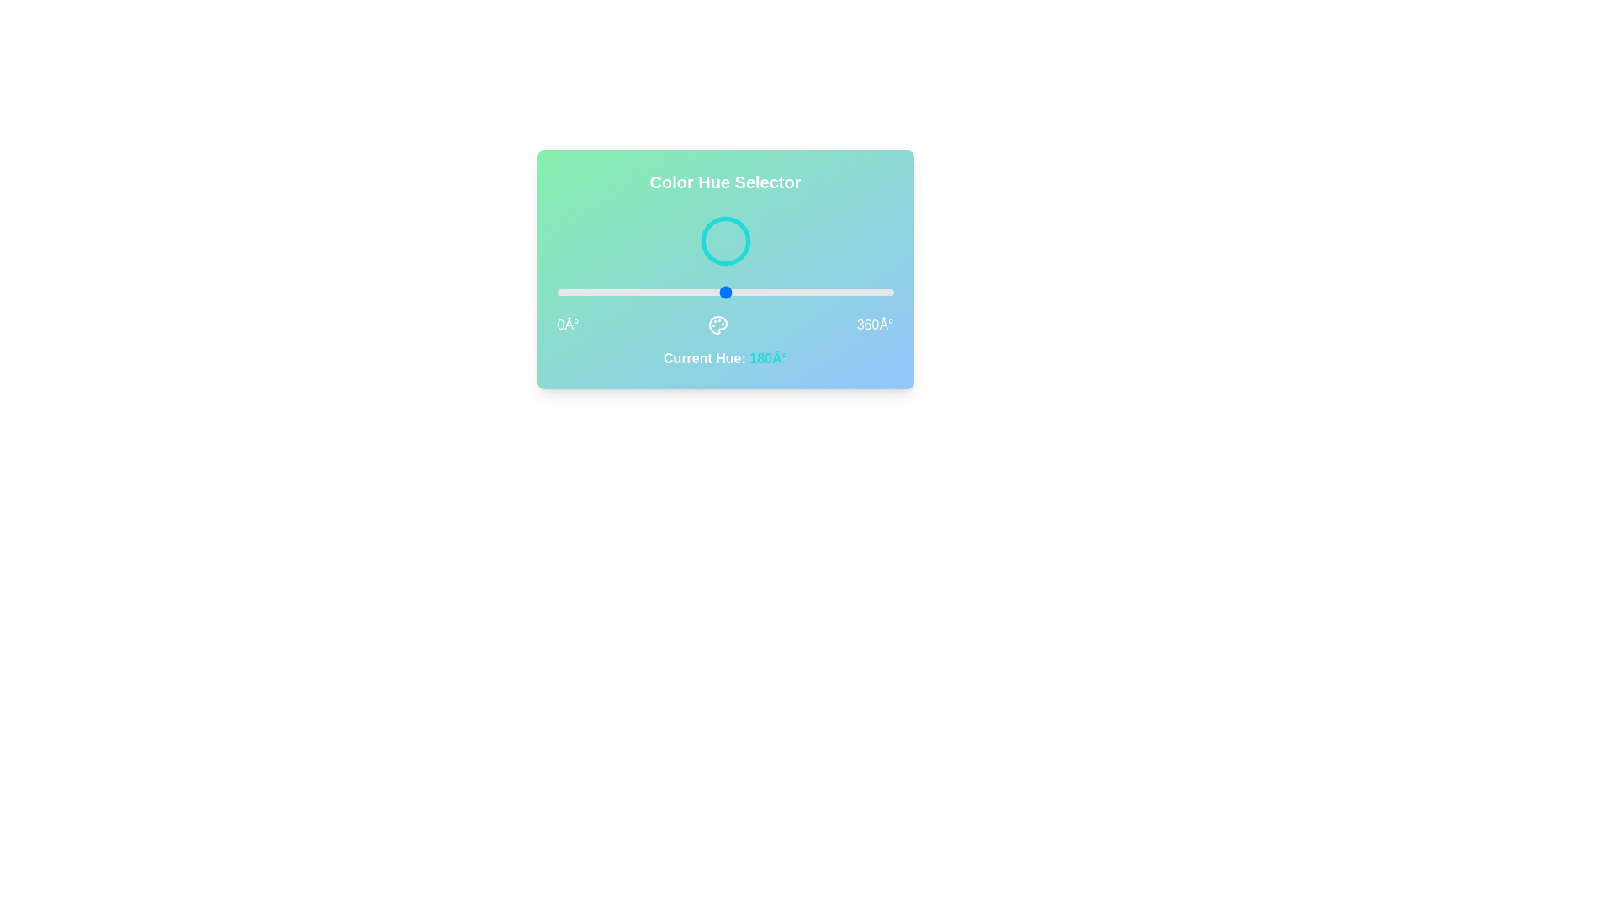 This screenshot has width=1615, height=908. I want to click on the hue value to 334 by interacting with the slider, so click(869, 291).